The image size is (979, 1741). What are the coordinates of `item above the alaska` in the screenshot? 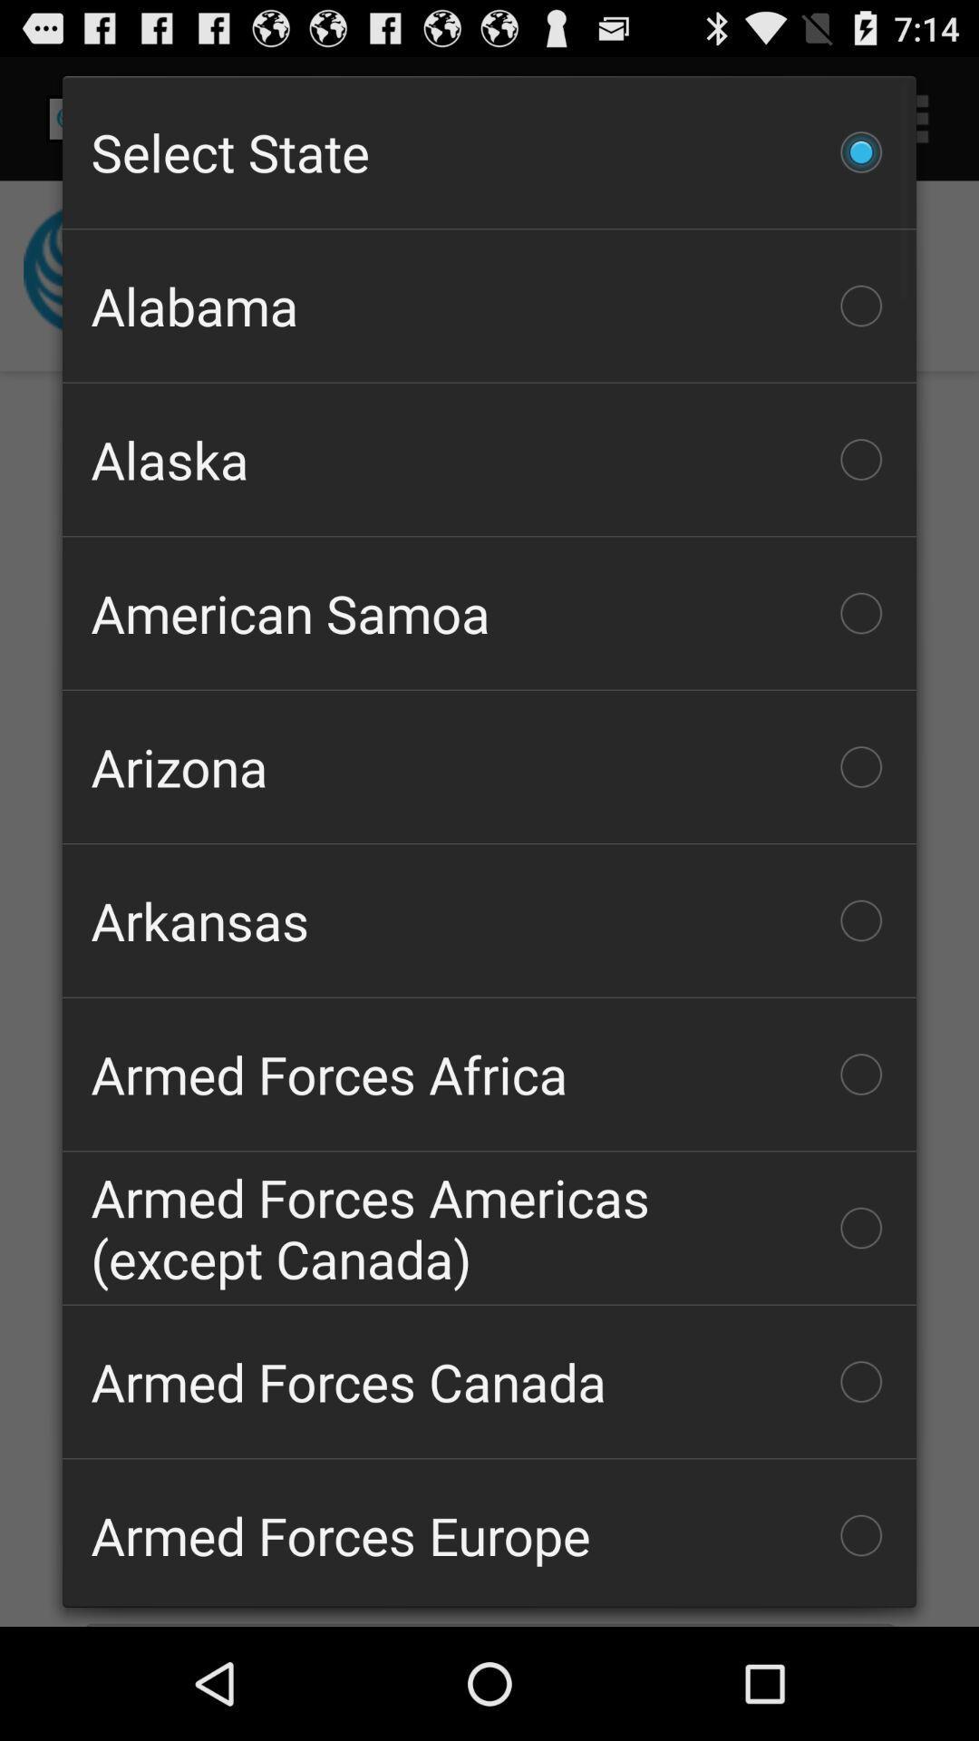 It's located at (489, 306).